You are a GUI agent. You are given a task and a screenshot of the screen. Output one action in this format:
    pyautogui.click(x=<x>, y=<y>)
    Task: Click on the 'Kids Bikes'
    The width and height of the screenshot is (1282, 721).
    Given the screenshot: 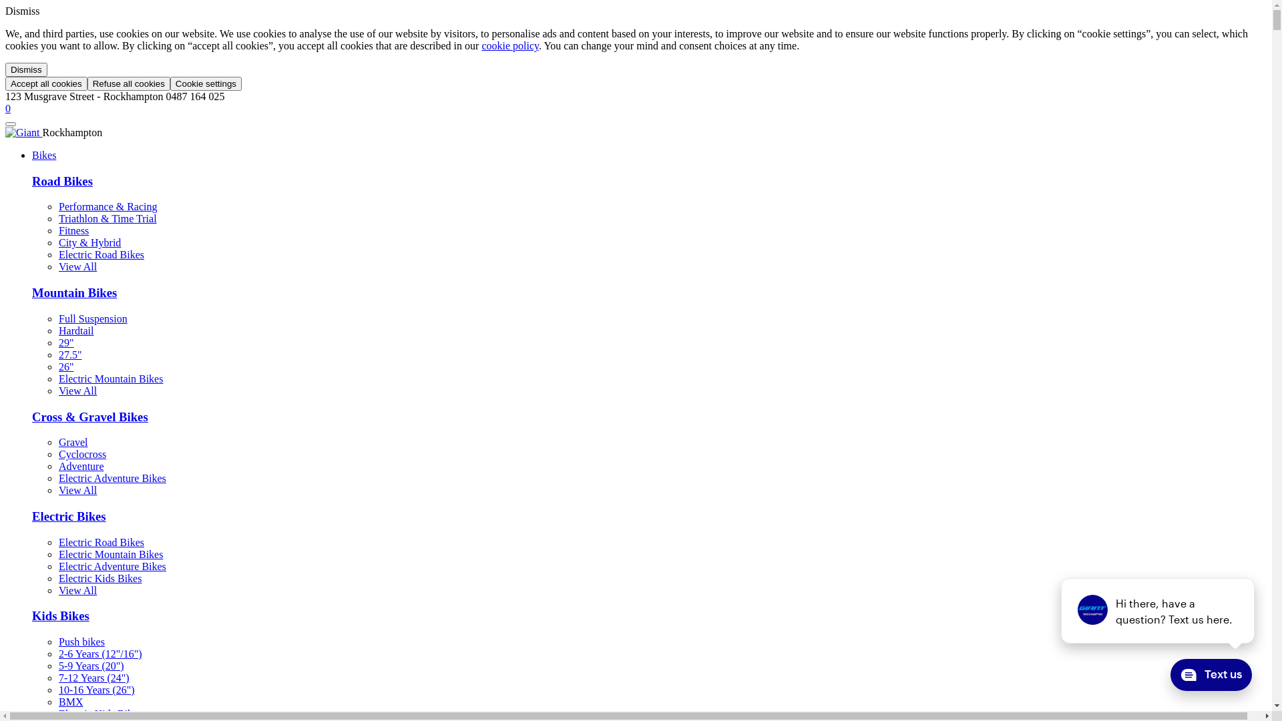 What is the action you would take?
    pyautogui.click(x=60, y=616)
    